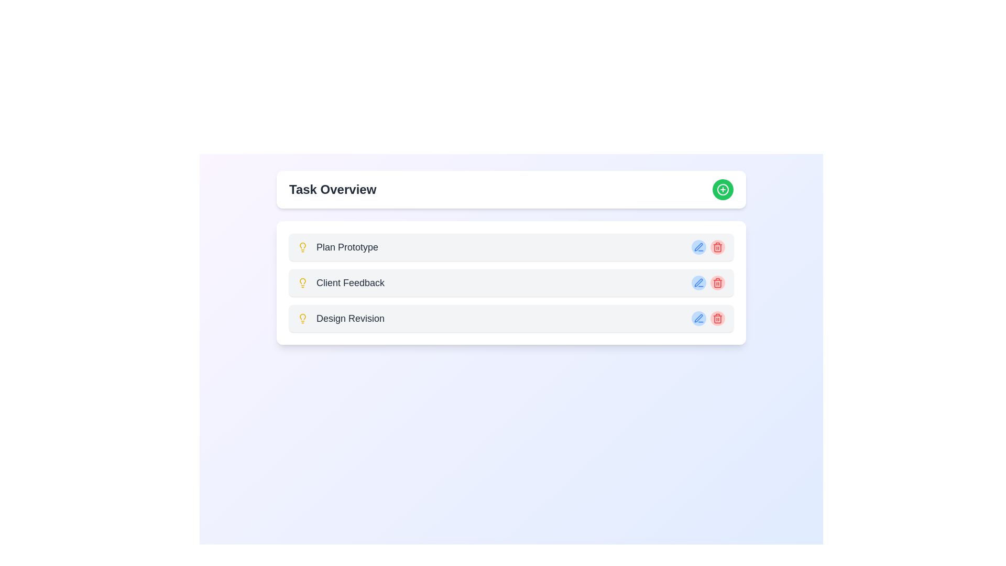 This screenshot has height=566, width=1006. What do you see at coordinates (699, 247) in the screenshot?
I see `the pen icon button, which is located within the blue circle to the right of the 'Plan Prototype' task entry in the task overview list` at bounding box center [699, 247].